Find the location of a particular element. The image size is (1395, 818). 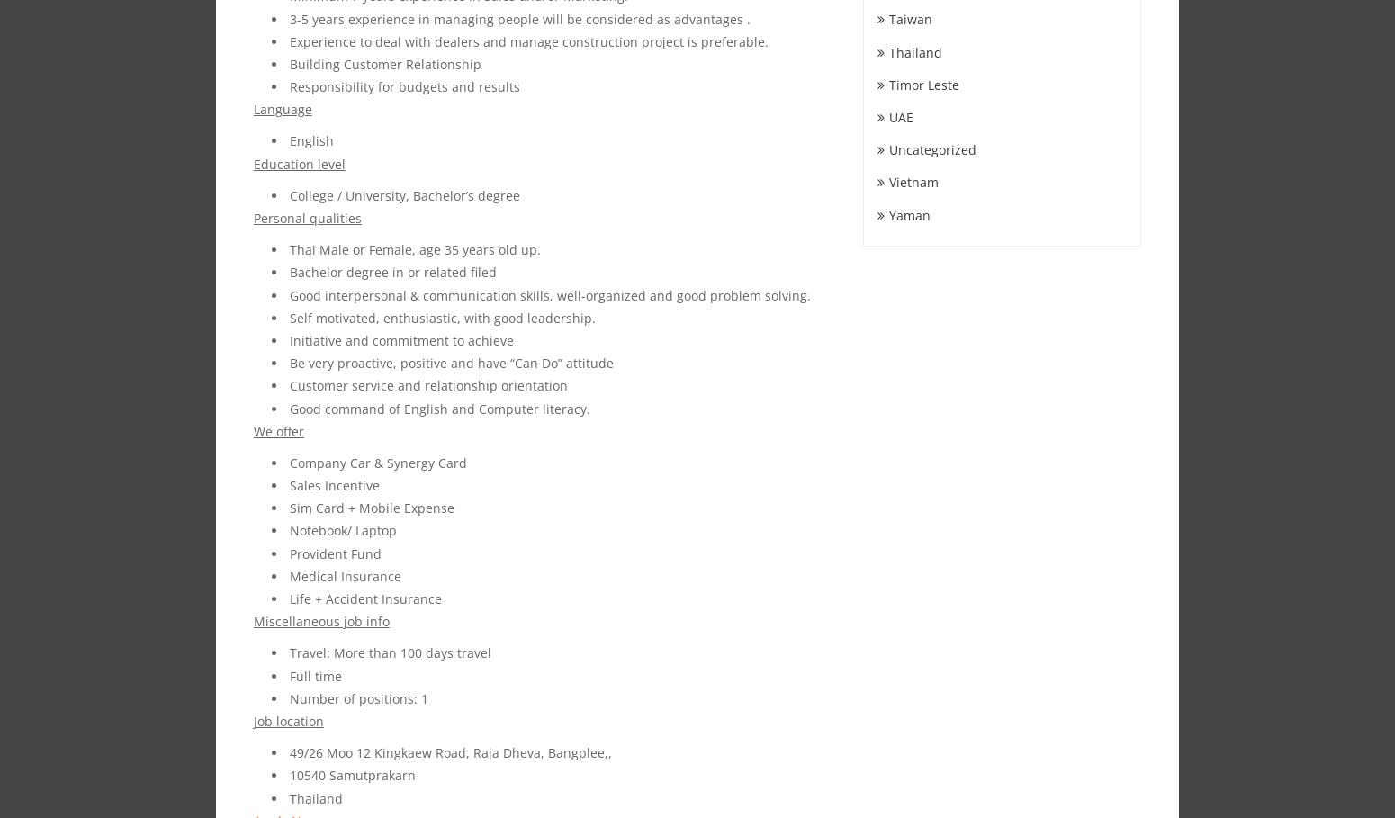

'Customer service and relationship orientation' is located at coordinates (288, 384).